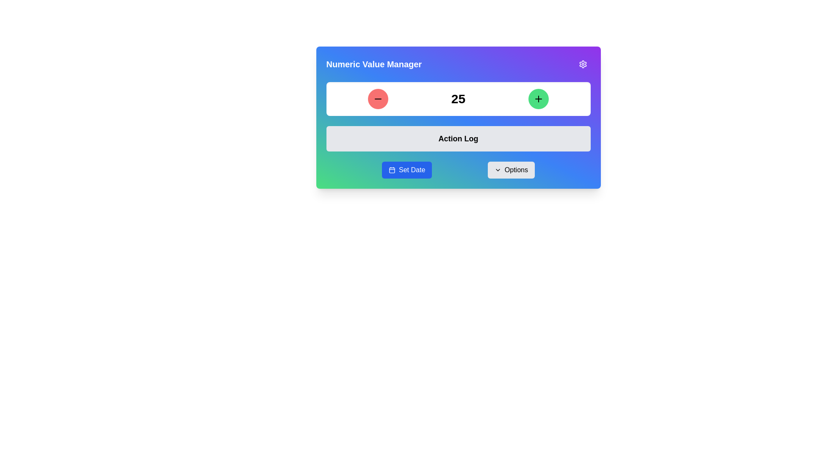  What do you see at coordinates (412, 170) in the screenshot?
I see `the 'Set Date' text UI component embedded within a blue rounded rectangular button located in the lower section of the interface` at bounding box center [412, 170].